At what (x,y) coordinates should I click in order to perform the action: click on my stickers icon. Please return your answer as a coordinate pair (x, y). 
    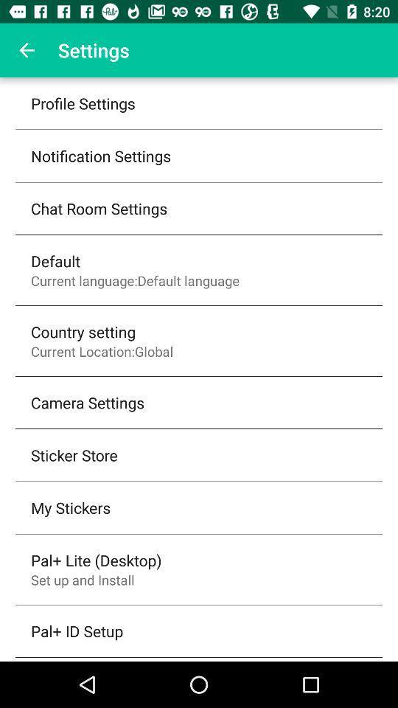
    Looking at the image, I should click on (70, 507).